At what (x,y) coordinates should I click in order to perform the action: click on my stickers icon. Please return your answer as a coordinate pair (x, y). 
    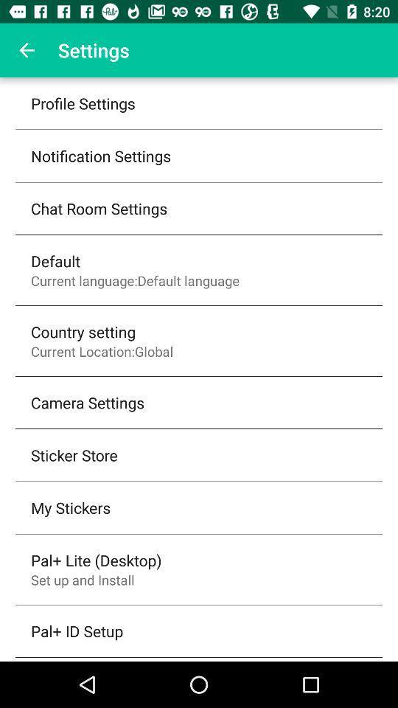
    Looking at the image, I should click on (70, 507).